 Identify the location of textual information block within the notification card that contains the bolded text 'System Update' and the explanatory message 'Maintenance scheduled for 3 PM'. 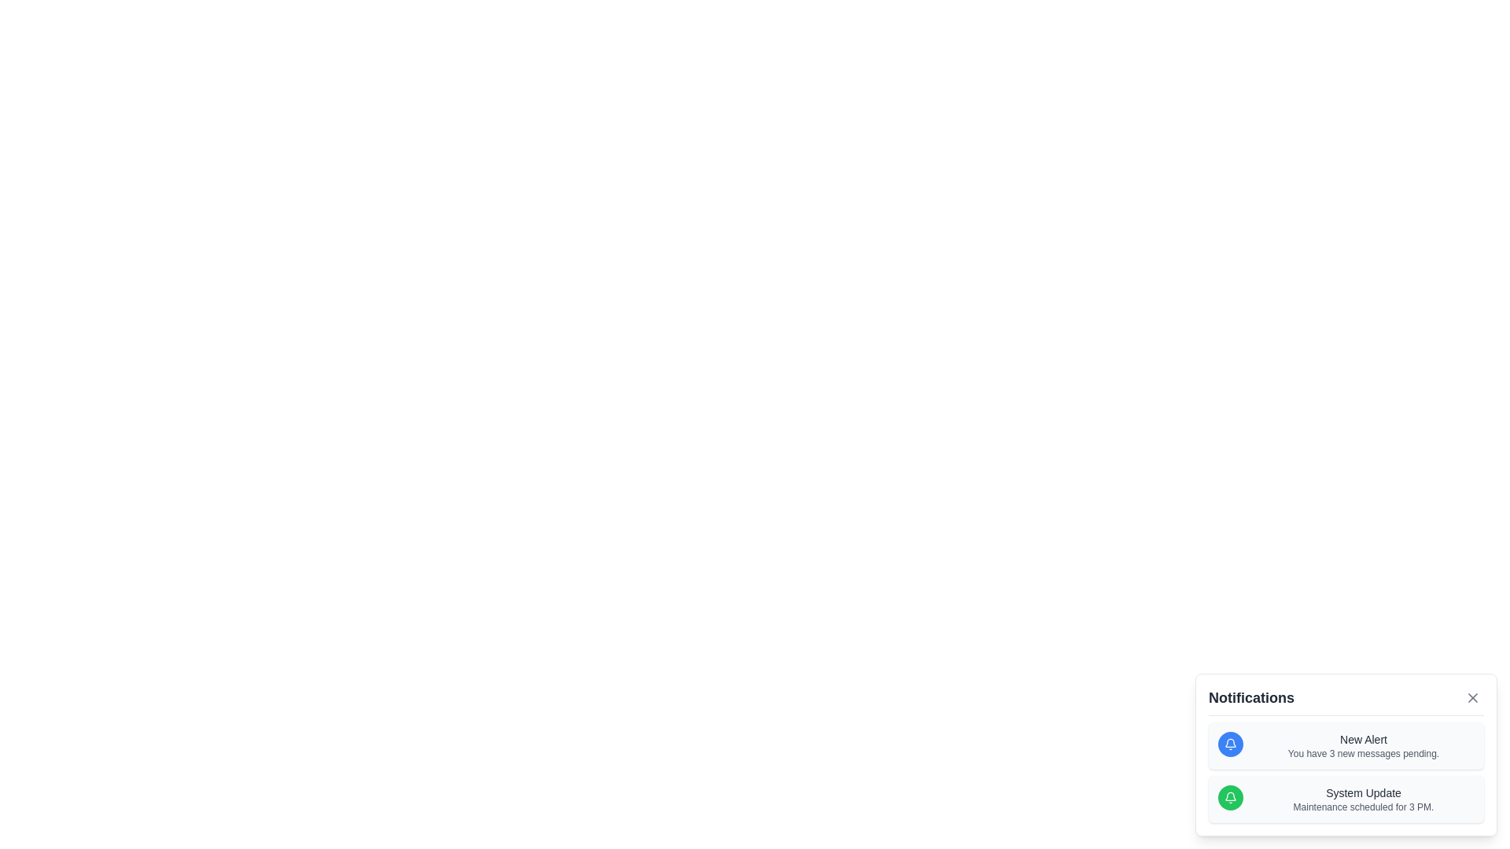
(1362, 799).